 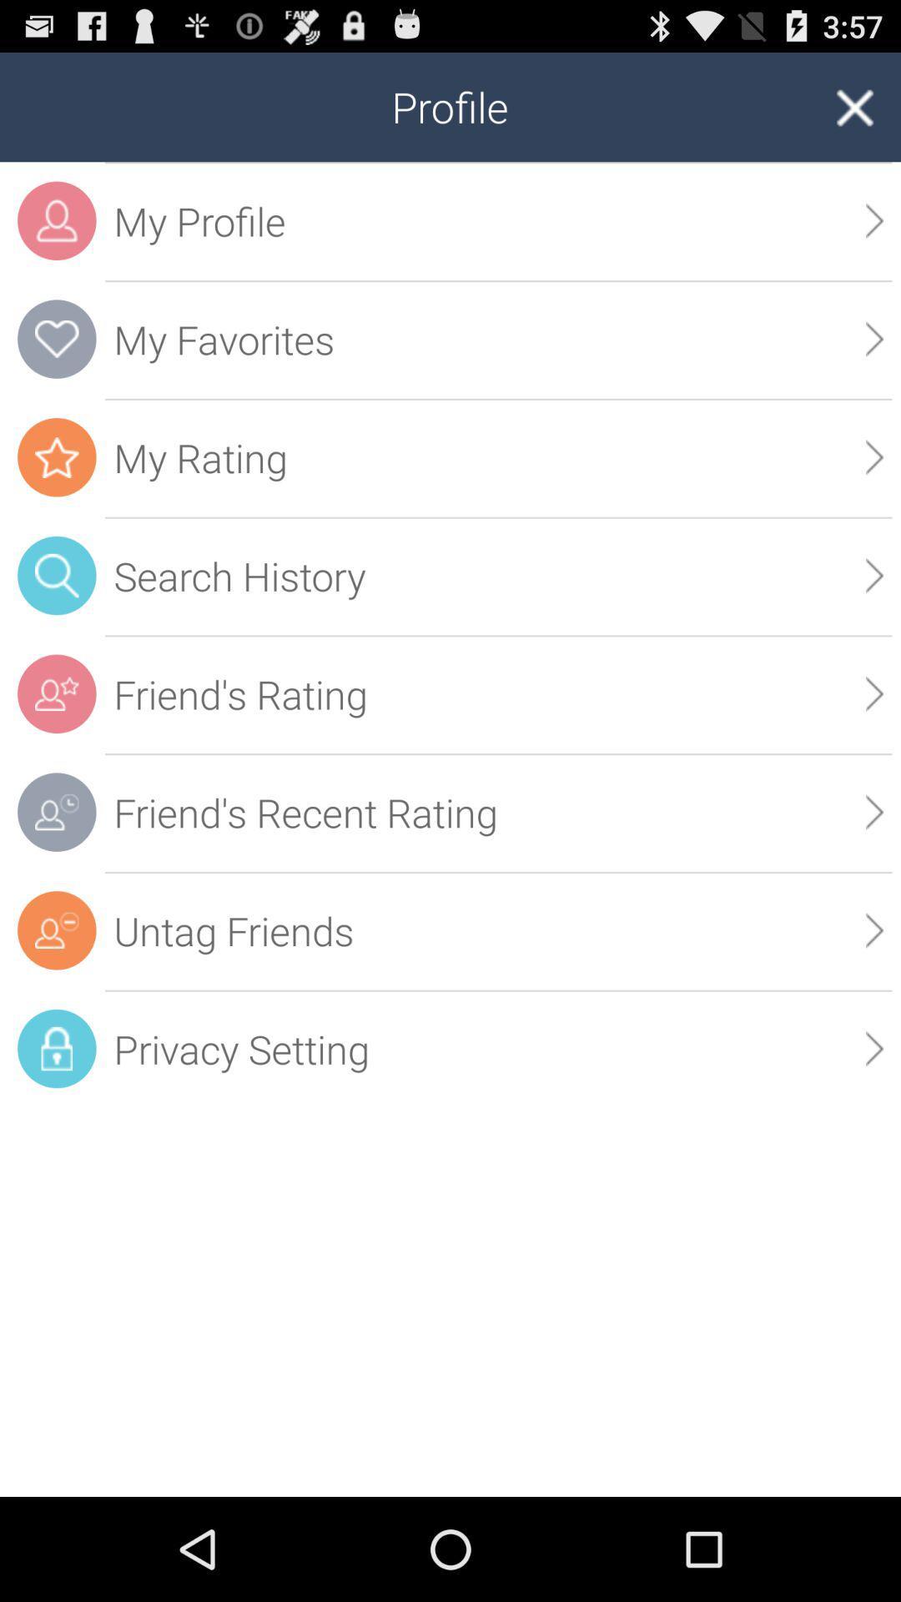 What do you see at coordinates (873, 338) in the screenshot?
I see `the app below the my profile` at bounding box center [873, 338].